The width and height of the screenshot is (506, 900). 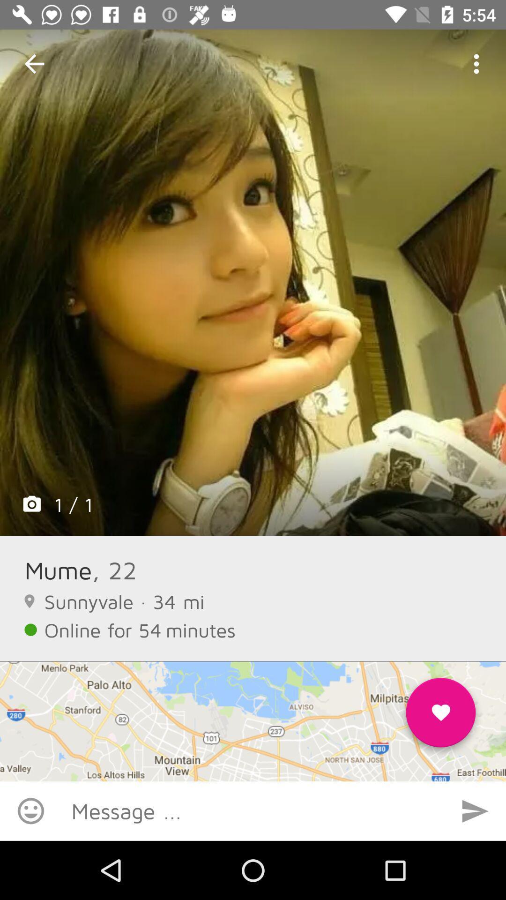 I want to click on switch autoplay option, so click(x=475, y=810).